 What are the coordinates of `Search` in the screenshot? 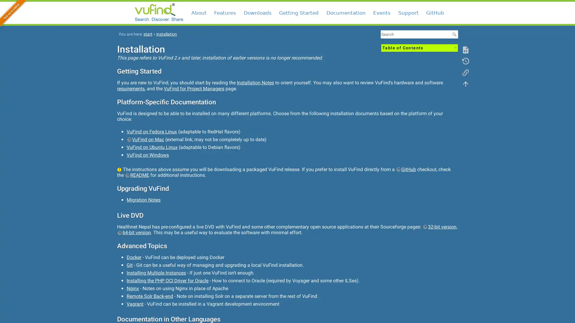 It's located at (455, 34).